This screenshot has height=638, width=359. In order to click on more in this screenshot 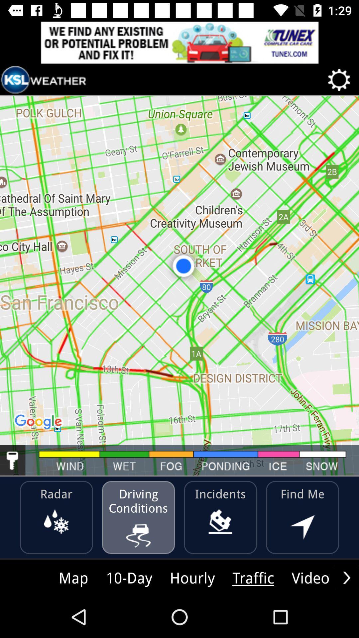, I will do `click(346, 577)`.